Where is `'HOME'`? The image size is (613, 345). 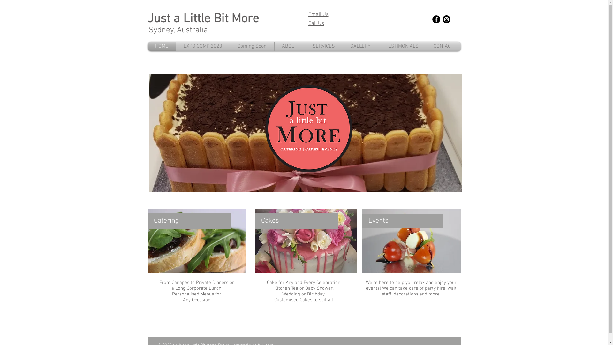 'HOME' is located at coordinates (147, 46).